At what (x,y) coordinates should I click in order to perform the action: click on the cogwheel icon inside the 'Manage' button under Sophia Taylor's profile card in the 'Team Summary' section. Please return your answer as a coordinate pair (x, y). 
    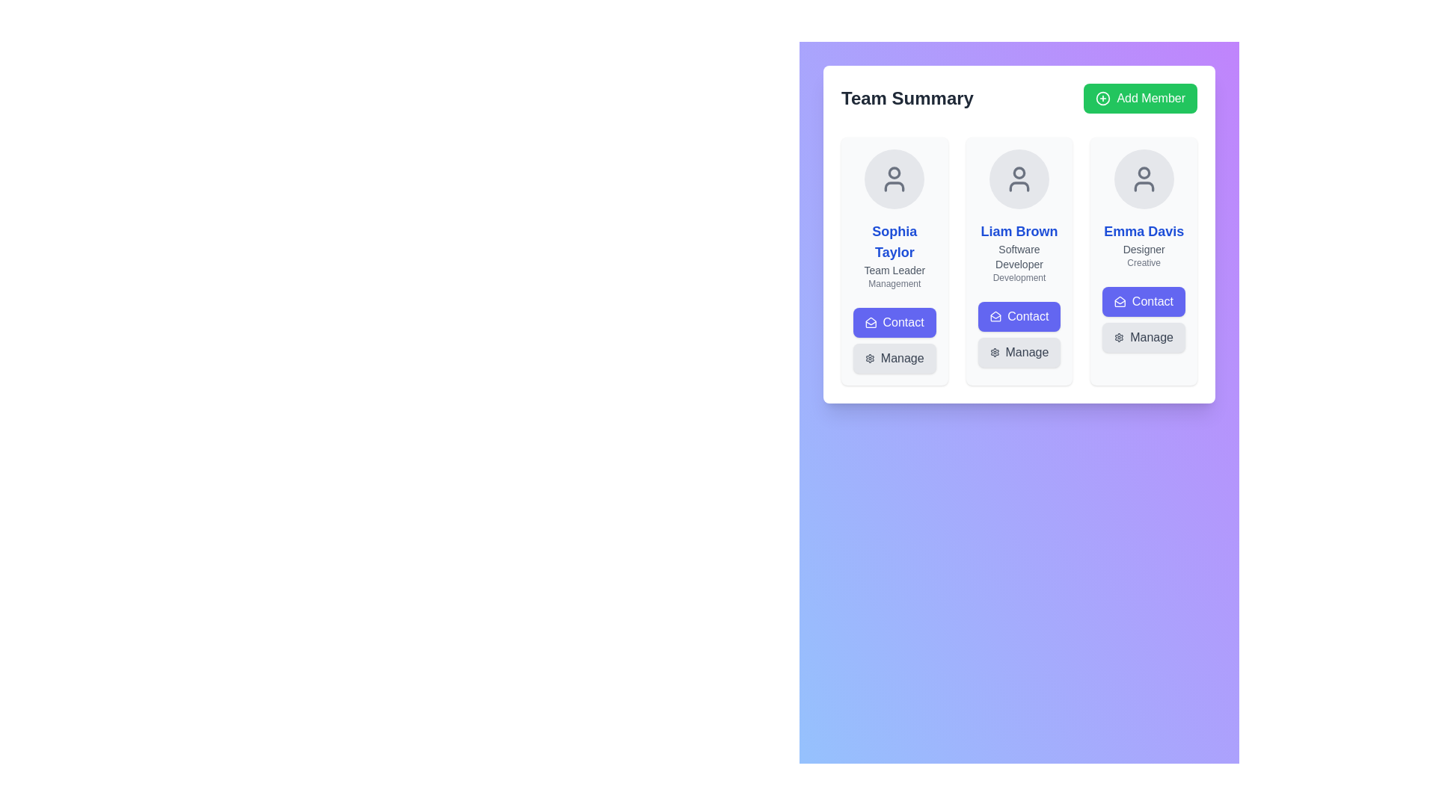
    Looking at the image, I should click on (869, 358).